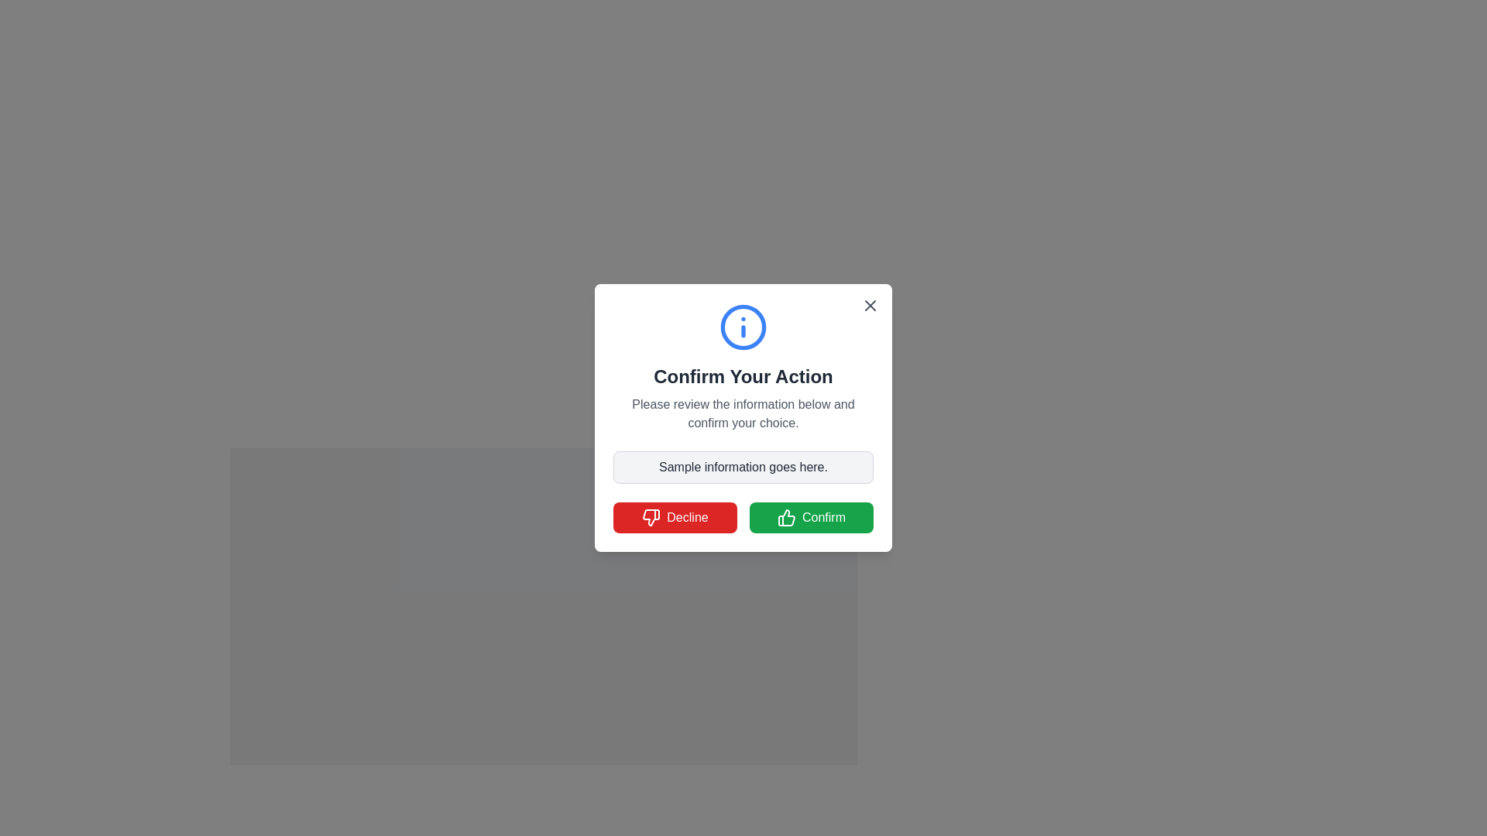 The height and width of the screenshot is (836, 1487). I want to click on the confirmation icon located within the 'Confirm' button at the bottom-right of the dialog box, positioned to the left of the text label 'Confirm', so click(787, 517).